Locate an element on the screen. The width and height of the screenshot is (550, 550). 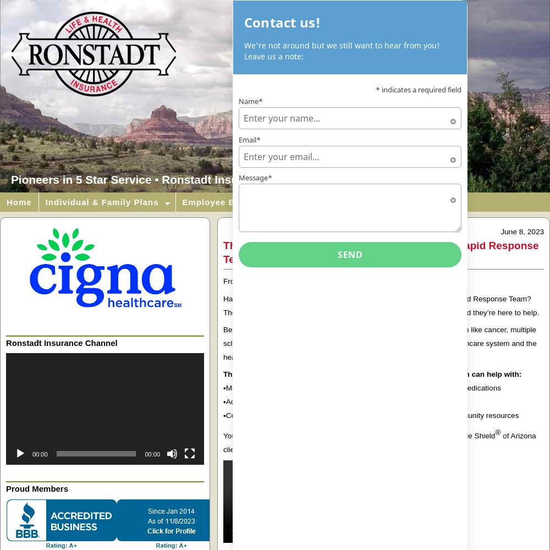
'You can learn more about this program and what it offers Blue Cross' is located at coordinates (335, 435).